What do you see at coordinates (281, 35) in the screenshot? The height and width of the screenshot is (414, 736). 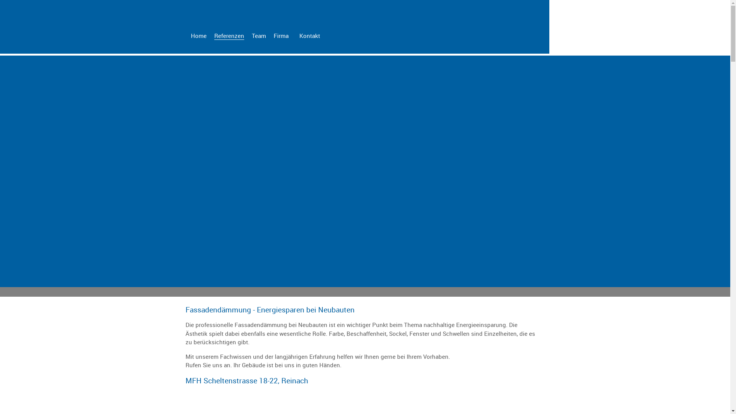 I see `'Firma'` at bounding box center [281, 35].